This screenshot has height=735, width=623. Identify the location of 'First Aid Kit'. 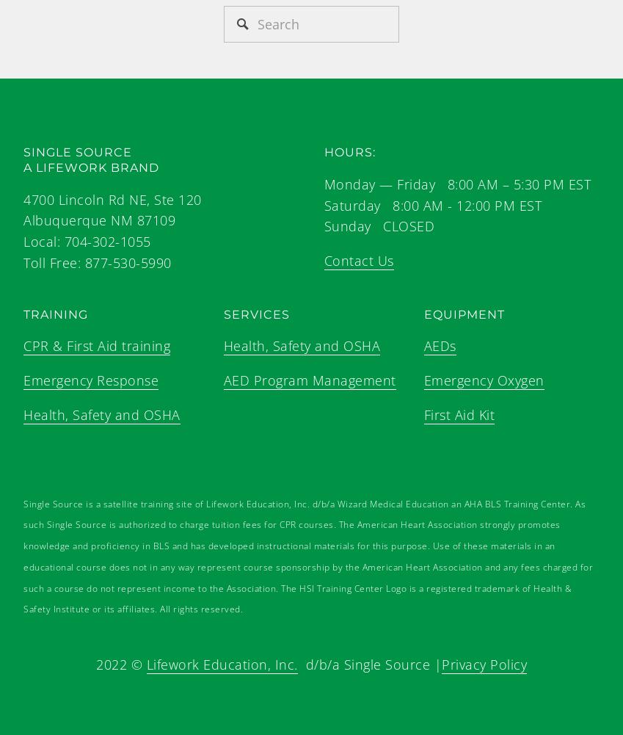
(459, 413).